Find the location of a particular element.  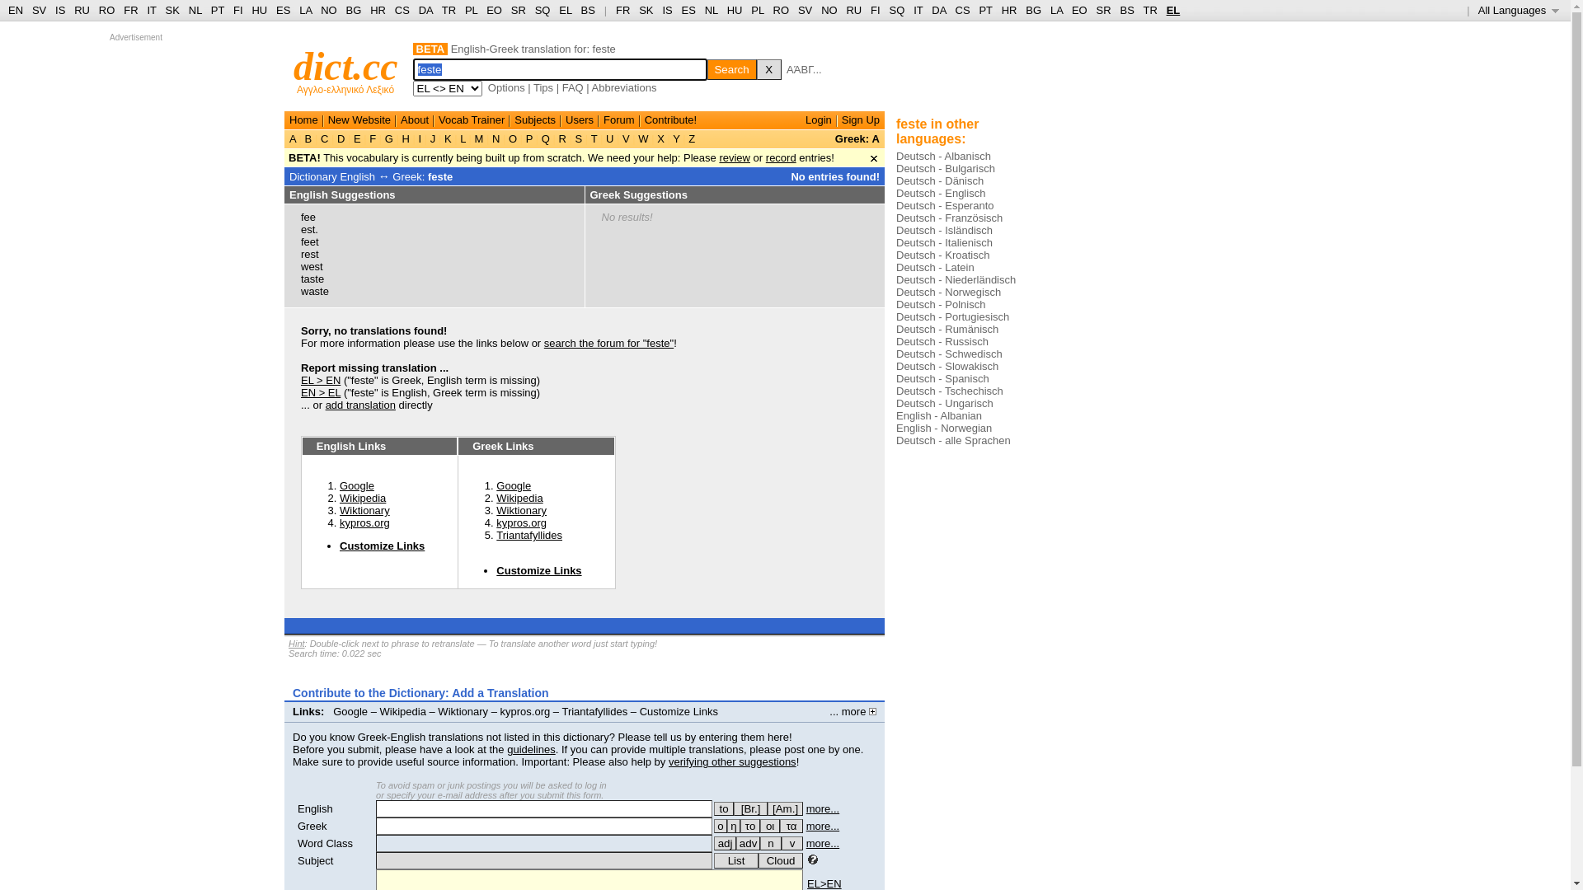

'H' is located at coordinates (406, 138).